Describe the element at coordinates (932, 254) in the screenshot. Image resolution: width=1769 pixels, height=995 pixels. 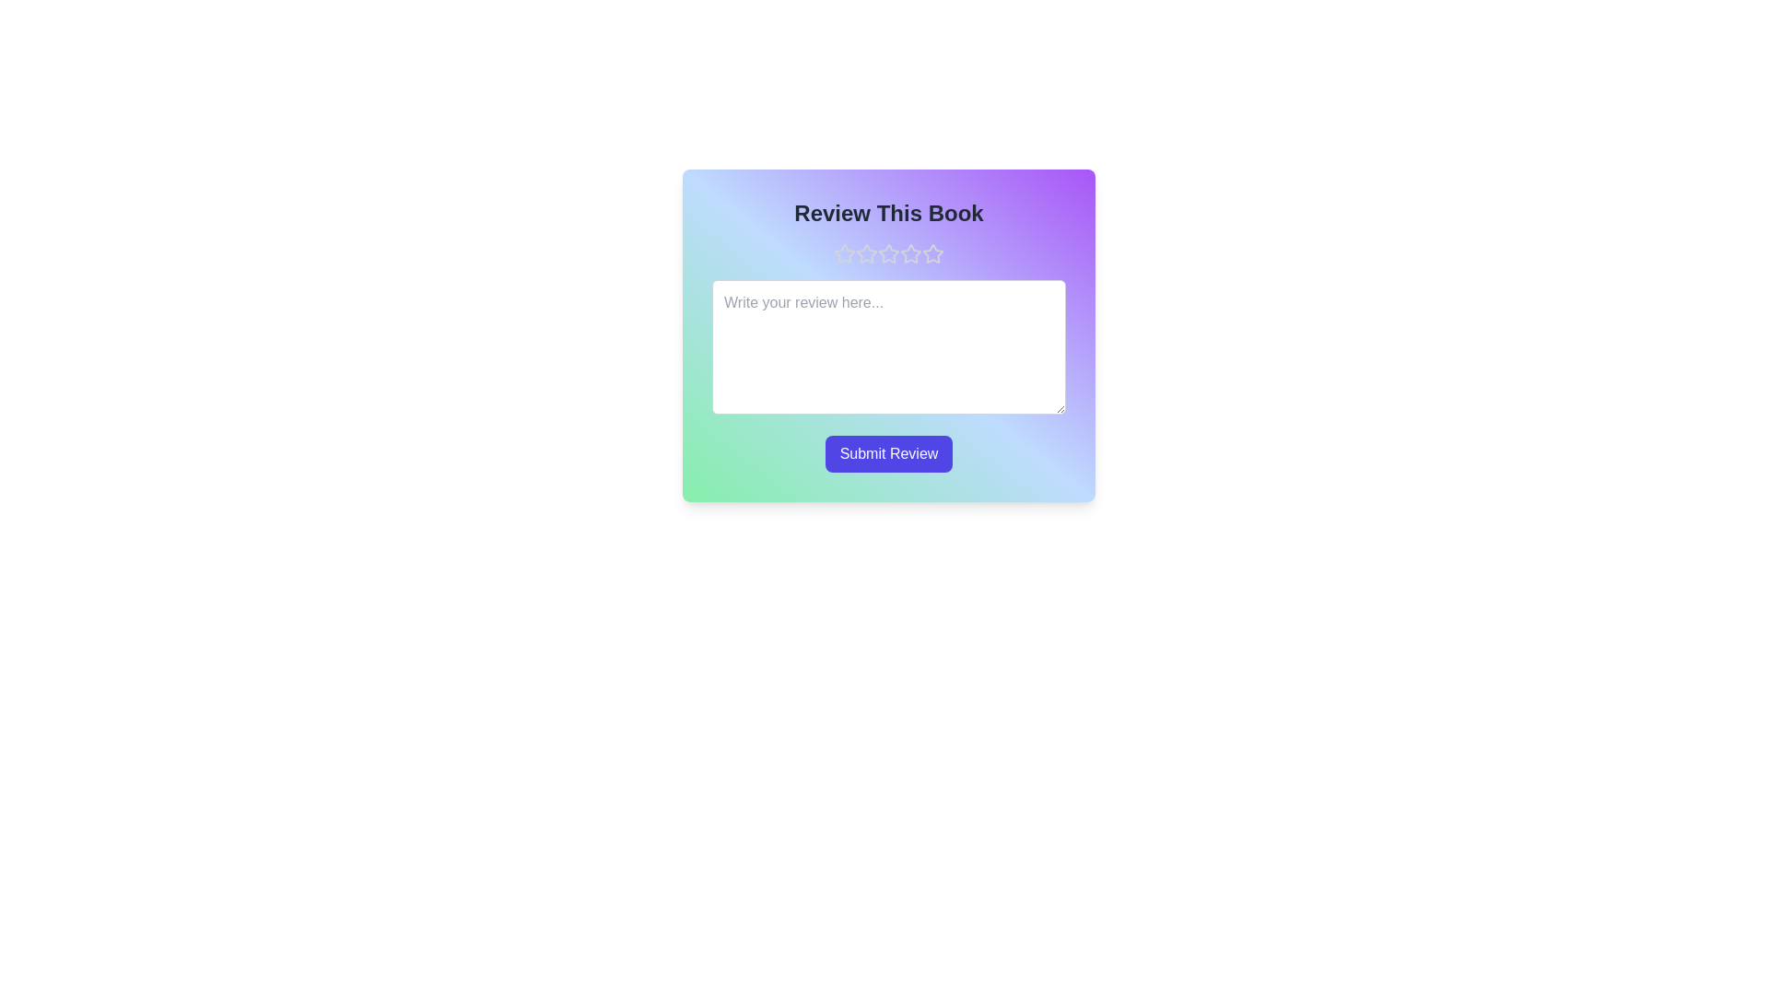
I see `the star corresponding to the desired rating 5` at that location.